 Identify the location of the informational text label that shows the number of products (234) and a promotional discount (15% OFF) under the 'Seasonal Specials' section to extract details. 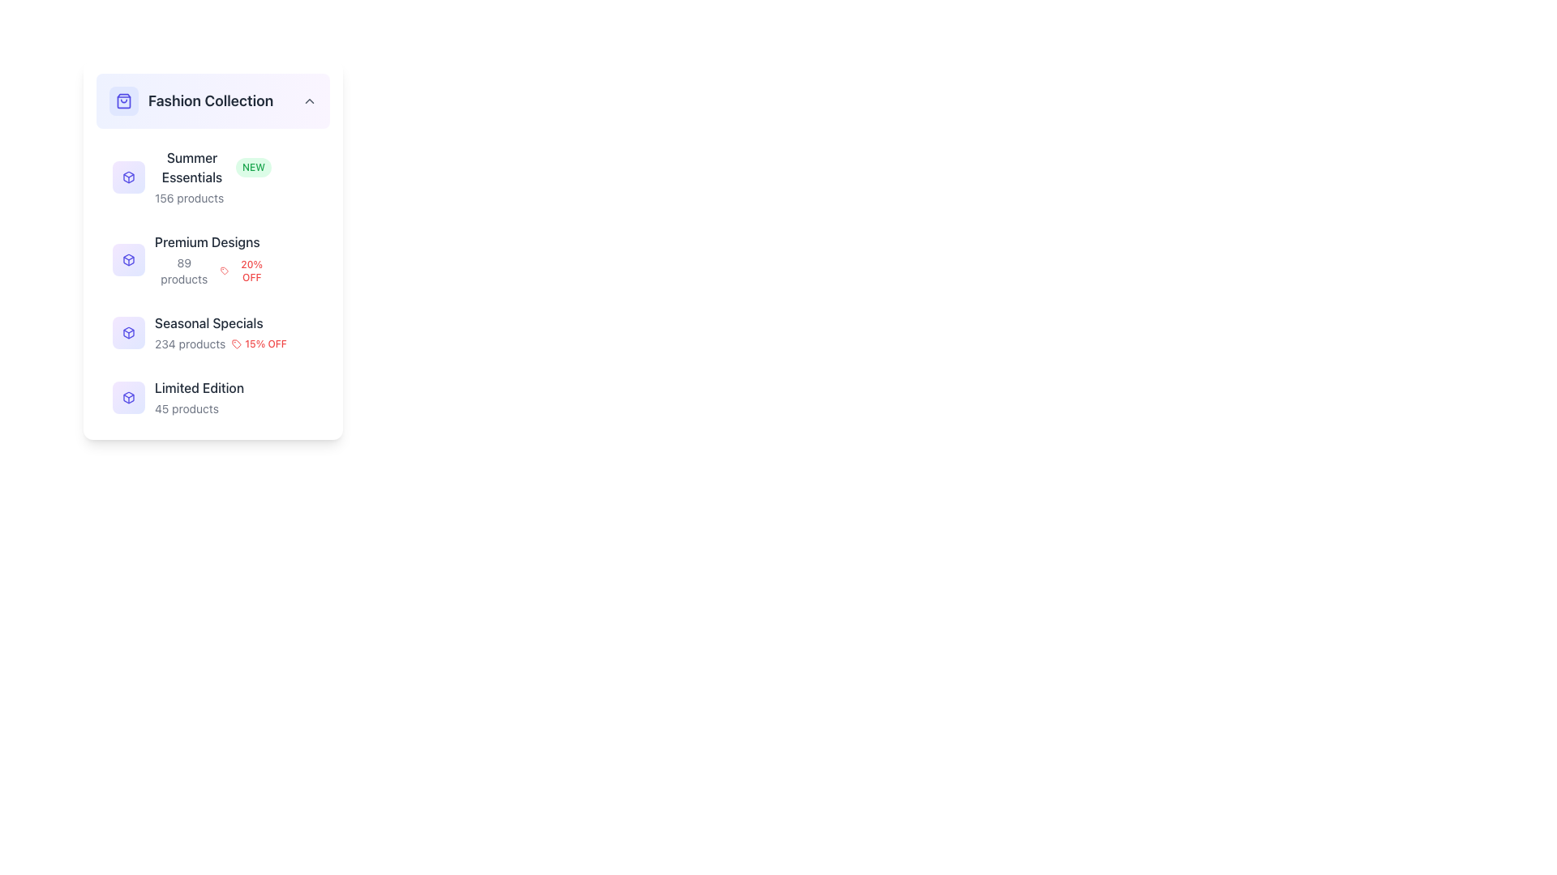
(225, 343).